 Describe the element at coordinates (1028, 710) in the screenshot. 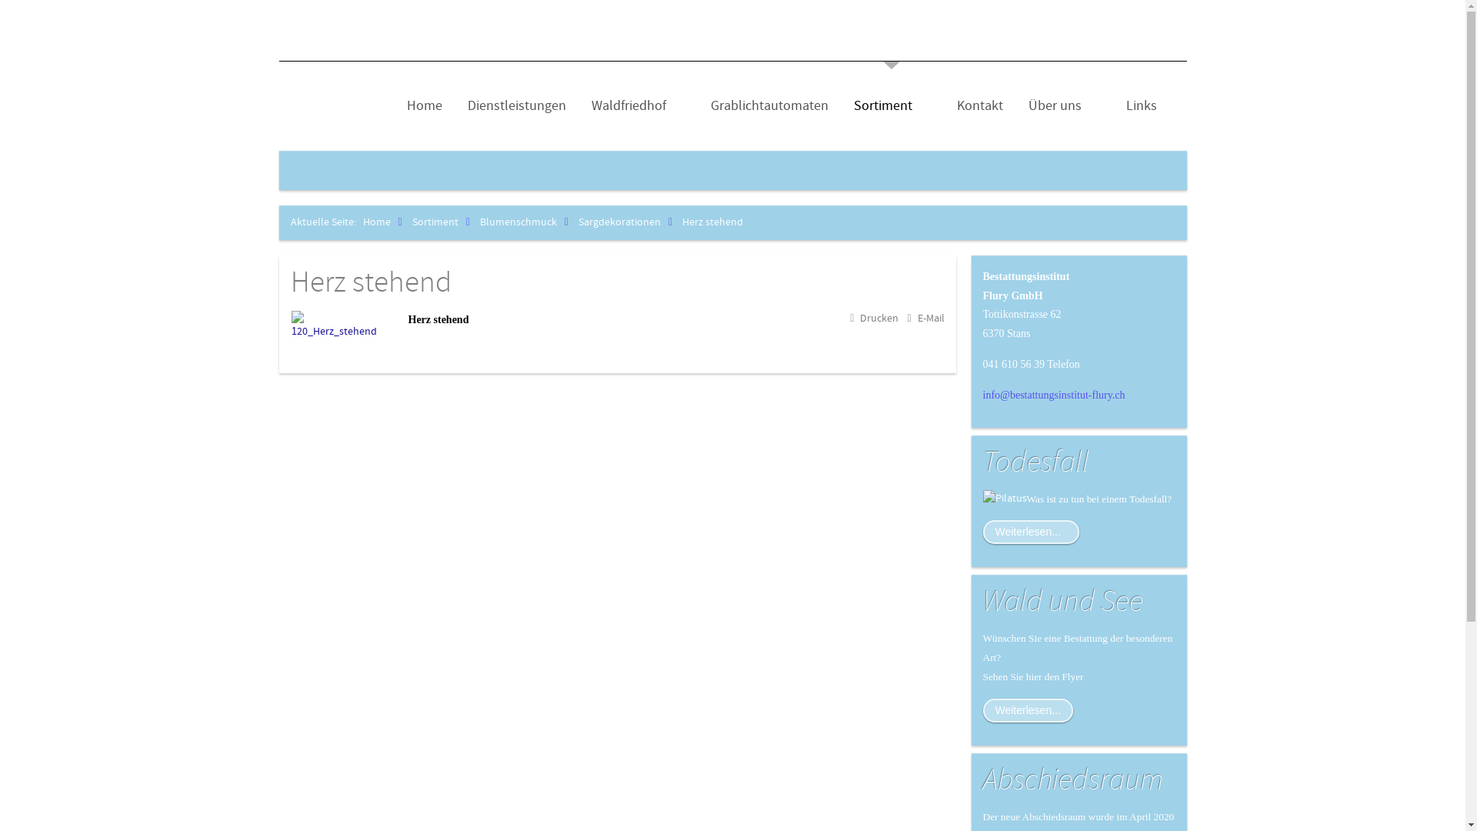

I see `'Weiterlesen...'` at that location.